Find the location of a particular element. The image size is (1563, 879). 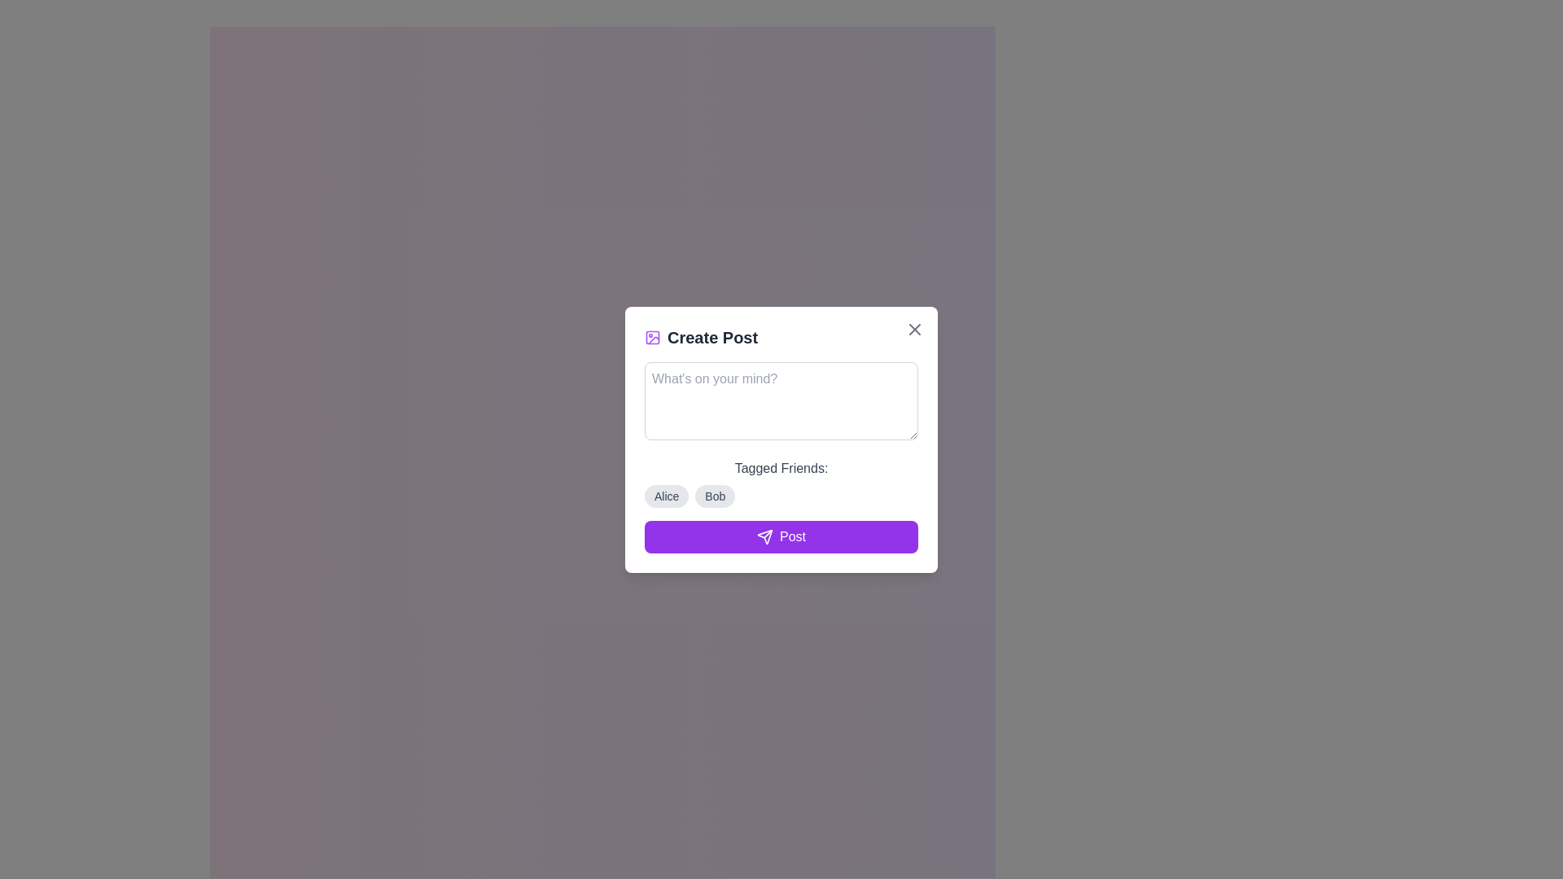

the image-related functionalities icon, which resembles a picture frame with a stylized mountain and sun, located to the left of the 'Create Post' title text is located at coordinates (652, 335).